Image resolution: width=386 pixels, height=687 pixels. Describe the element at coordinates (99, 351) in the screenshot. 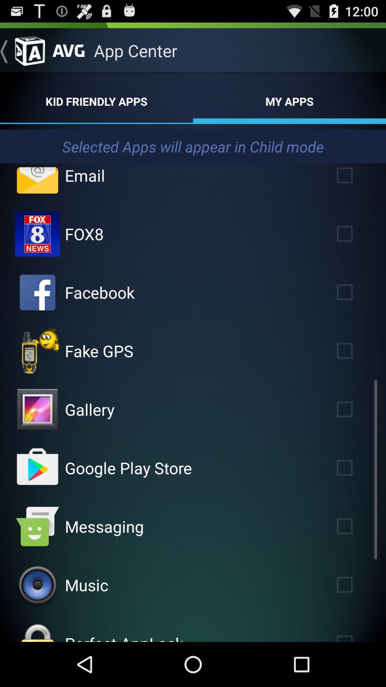

I see `item below the facebook app` at that location.